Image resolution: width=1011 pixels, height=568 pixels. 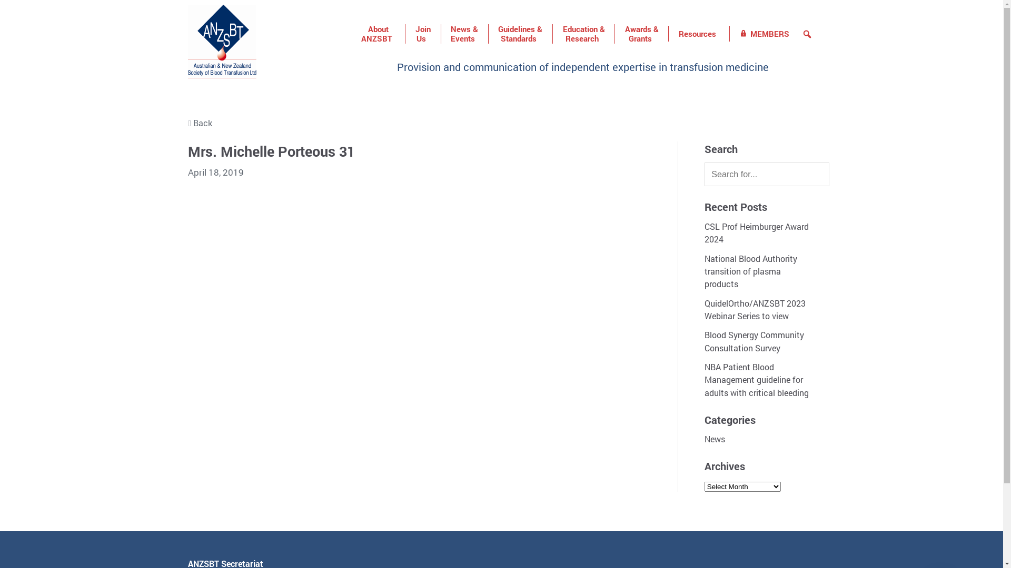 What do you see at coordinates (765, 33) in the screenshot?
I see `'MEMBERS'` at bounding box center [765, 33].